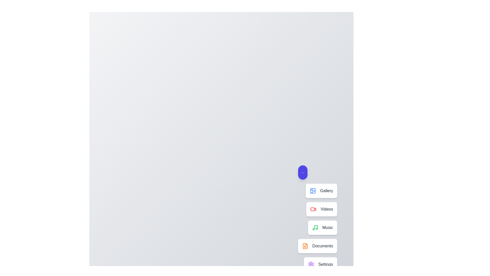 The height and width of the screenshot is (276, 490). I want to click on the menu item labeled 'Videos' to observe its hover animation, so click(321, 209).